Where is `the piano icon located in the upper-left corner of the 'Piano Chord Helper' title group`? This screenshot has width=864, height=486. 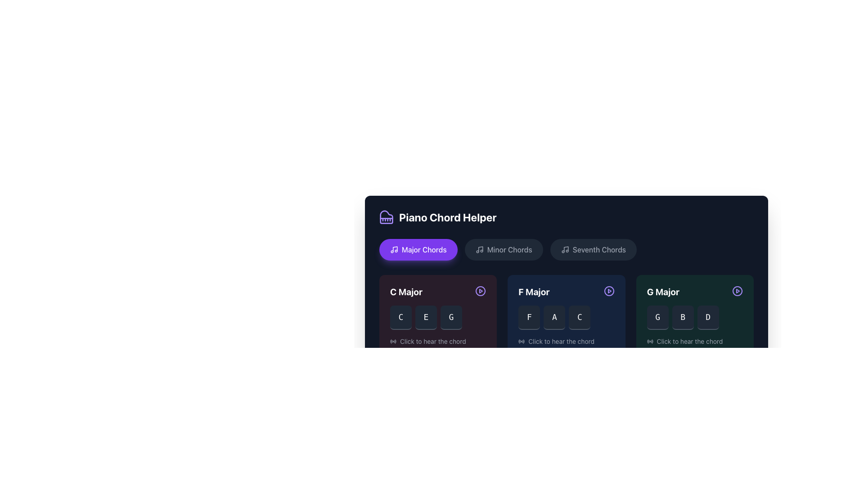
the piano icon located in the upper-left corner of the 'Piano Chord Helper' title group is located at coordinates (387, 217).